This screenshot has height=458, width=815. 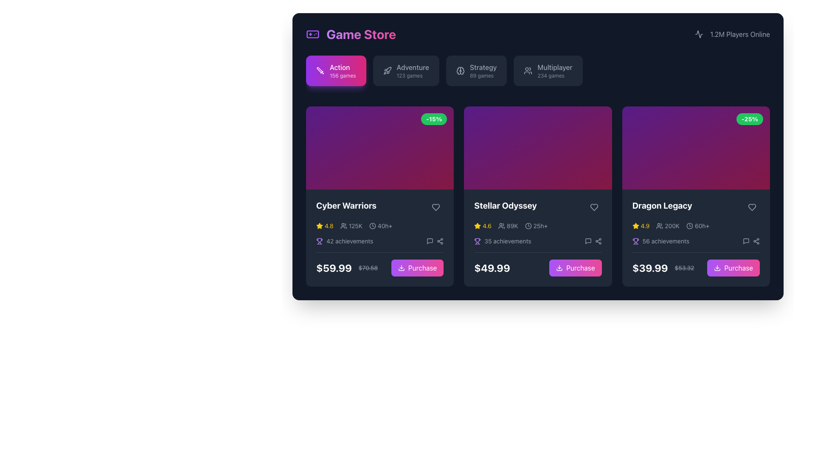 I want to click on the 'Multiplayer' button which contains the text label group with 'Multiplayer' and '234 games' to filter by this category, so click(x=555, y=70).